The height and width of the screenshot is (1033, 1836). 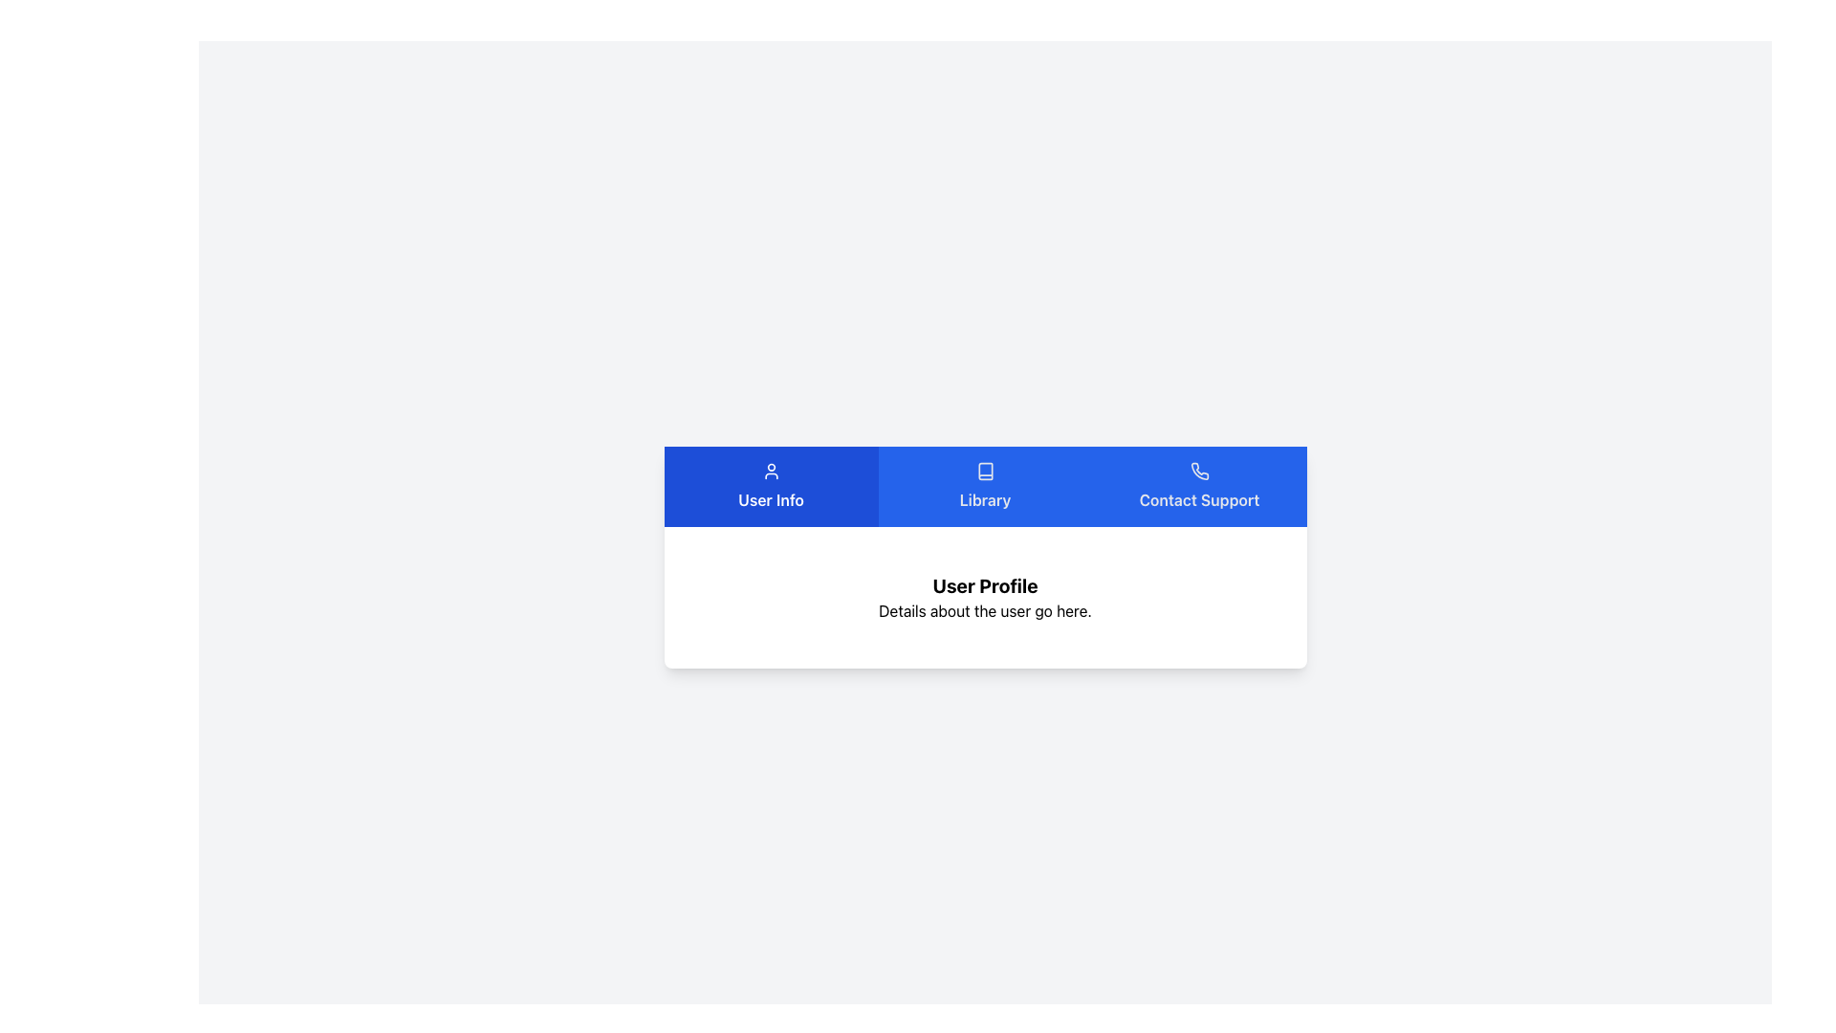 I want to click on the text label at the bottom-right corner of the navigation bar, so click(x=1198, y=499).